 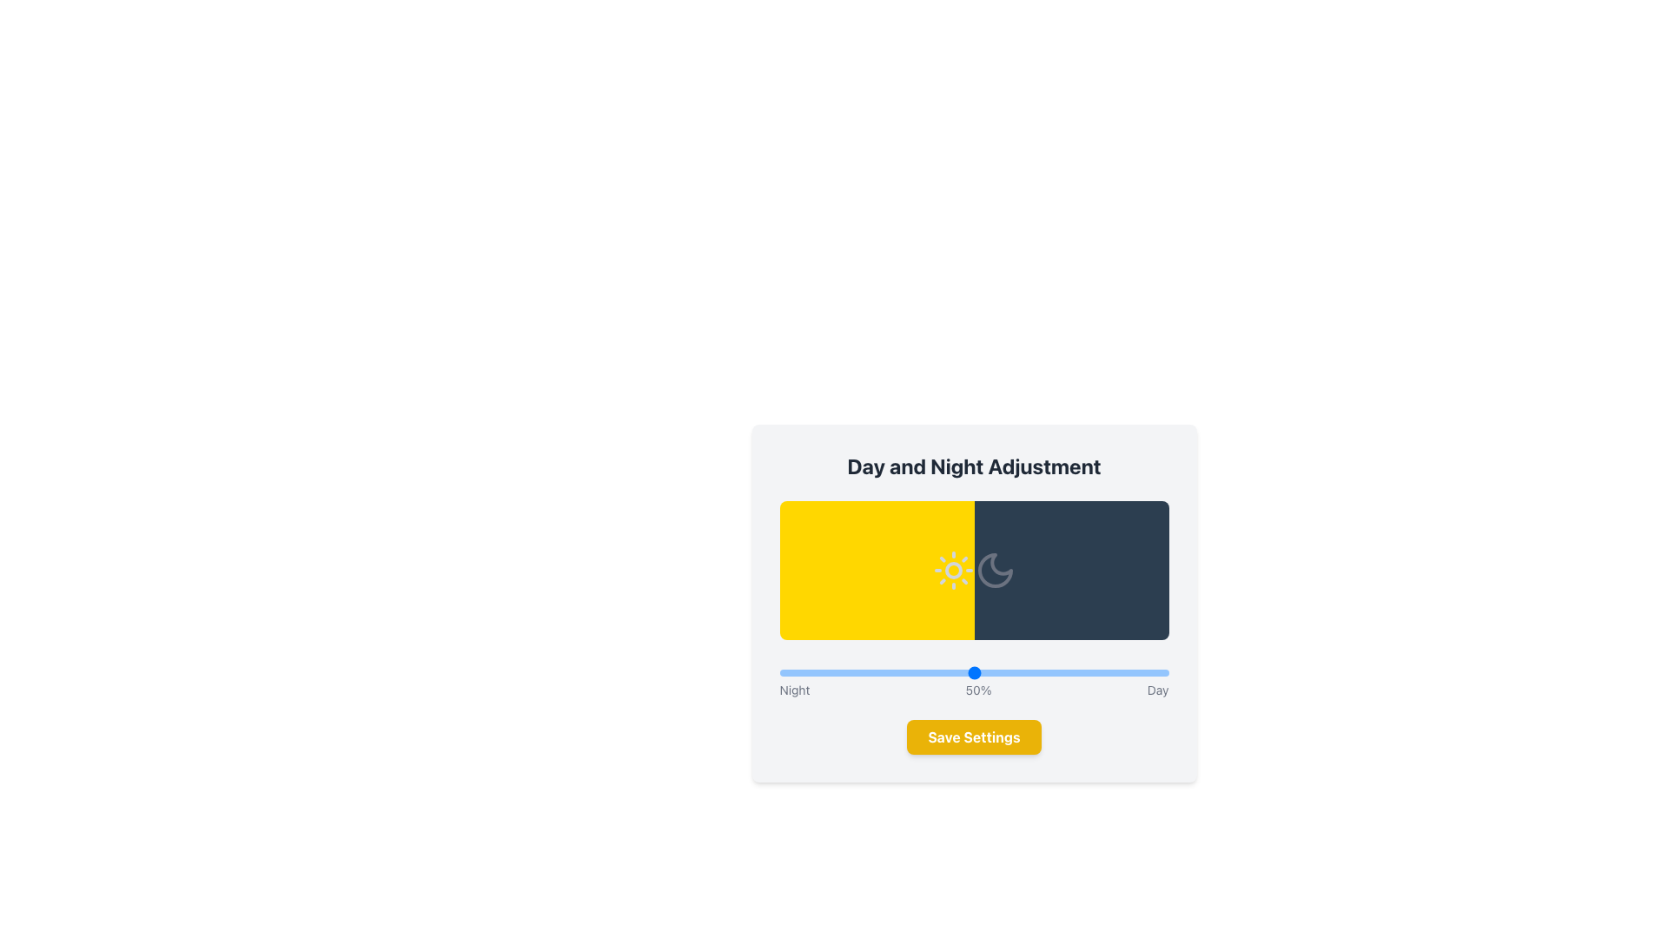 I want to click on the day-night adjustment, so click(x=1075, y=672).